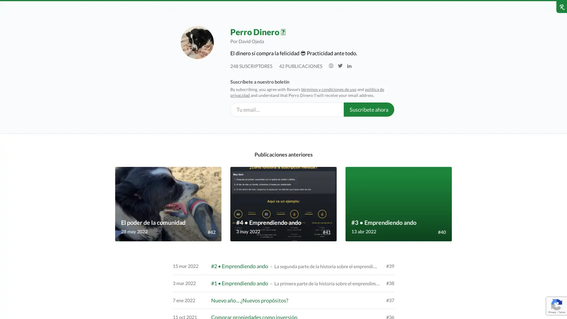 This screenshot has width=567, height=319. Describe the element at coordinates (369, 109) in the screenshot. I see `Suscribete ahora` at that location.